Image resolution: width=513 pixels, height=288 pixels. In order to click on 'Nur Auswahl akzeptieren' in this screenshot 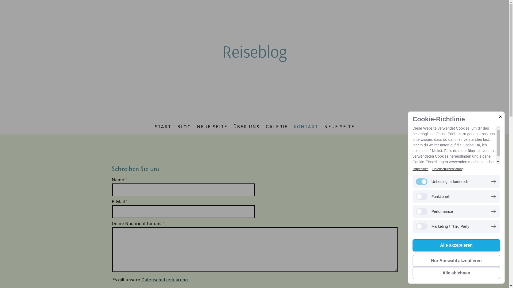, I will do `click(456, 261)`.